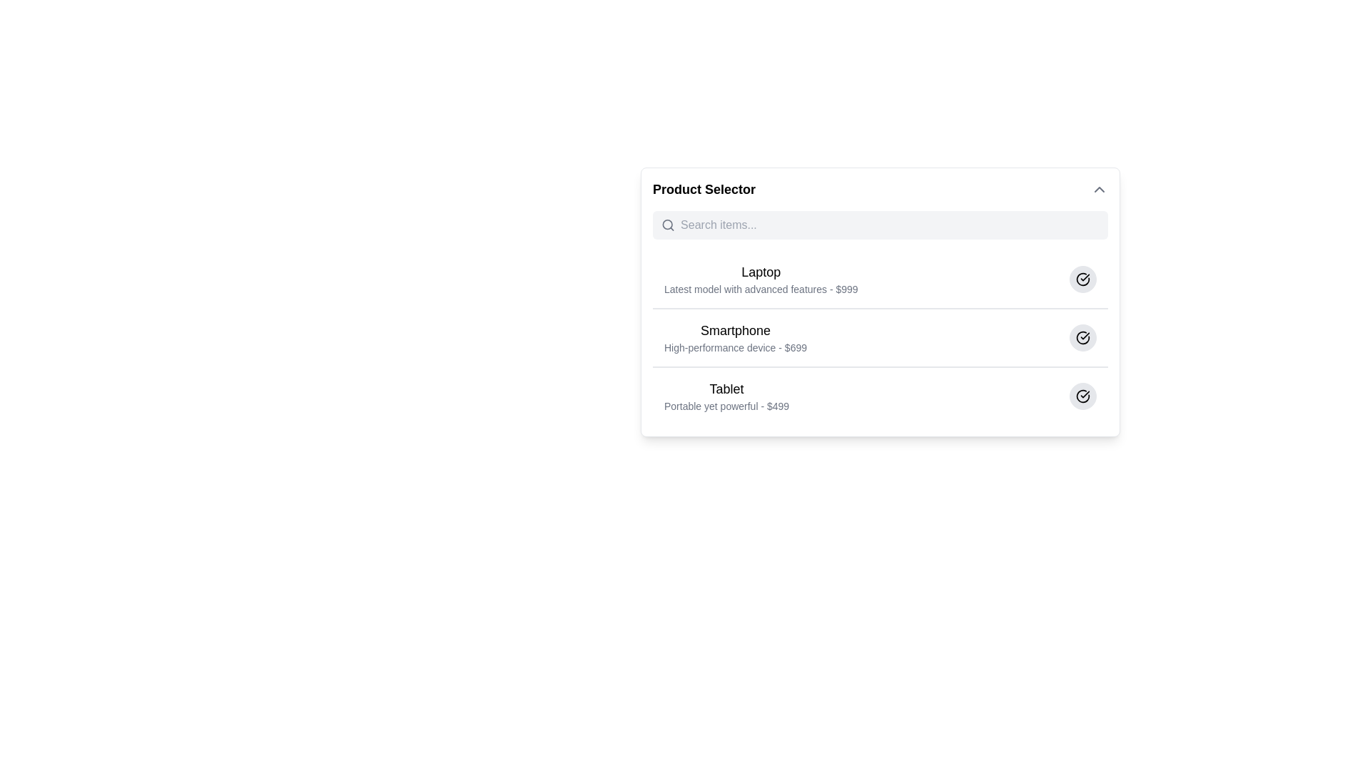  Describe the element at coordinates (726, 406) in the screenshot. I see `the Text Label displaying 'Portable yet powerful - $499', which is located beneath the 'Tablet' label in the product list` at that location.